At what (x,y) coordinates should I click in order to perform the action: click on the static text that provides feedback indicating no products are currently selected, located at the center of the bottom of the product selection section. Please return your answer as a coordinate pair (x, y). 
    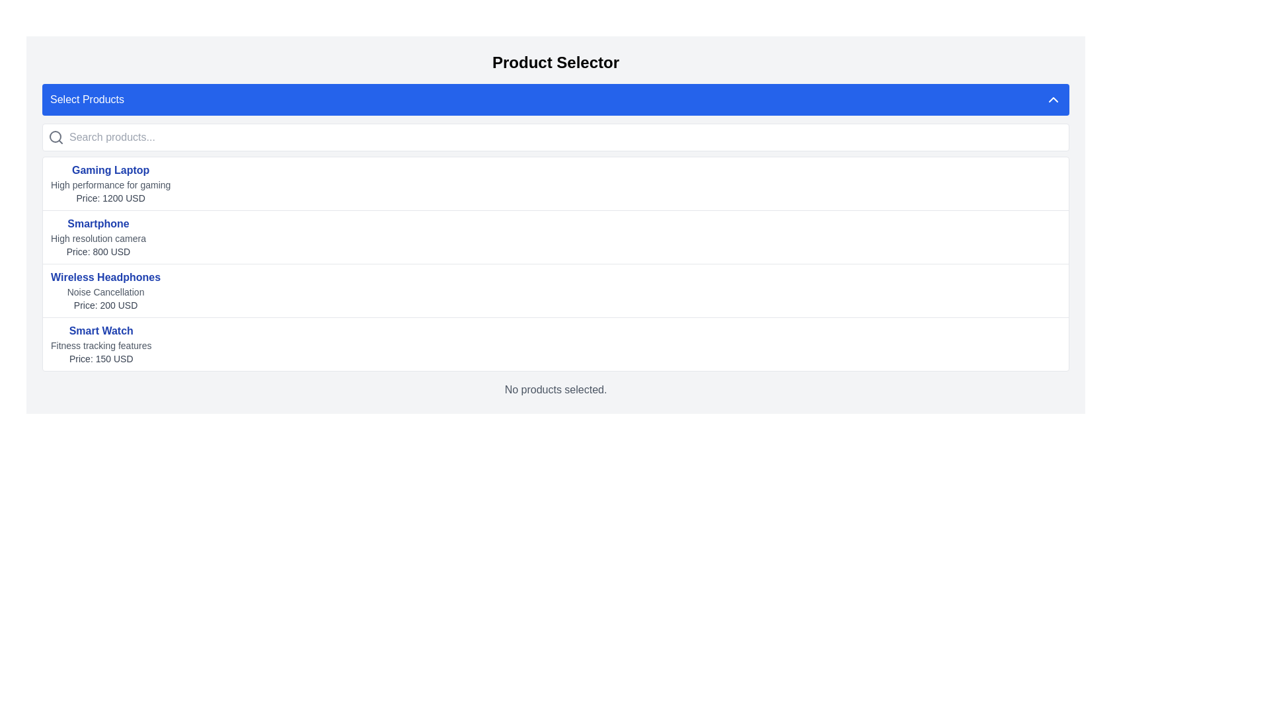
    Looking at the image, I should click on (555, 389).